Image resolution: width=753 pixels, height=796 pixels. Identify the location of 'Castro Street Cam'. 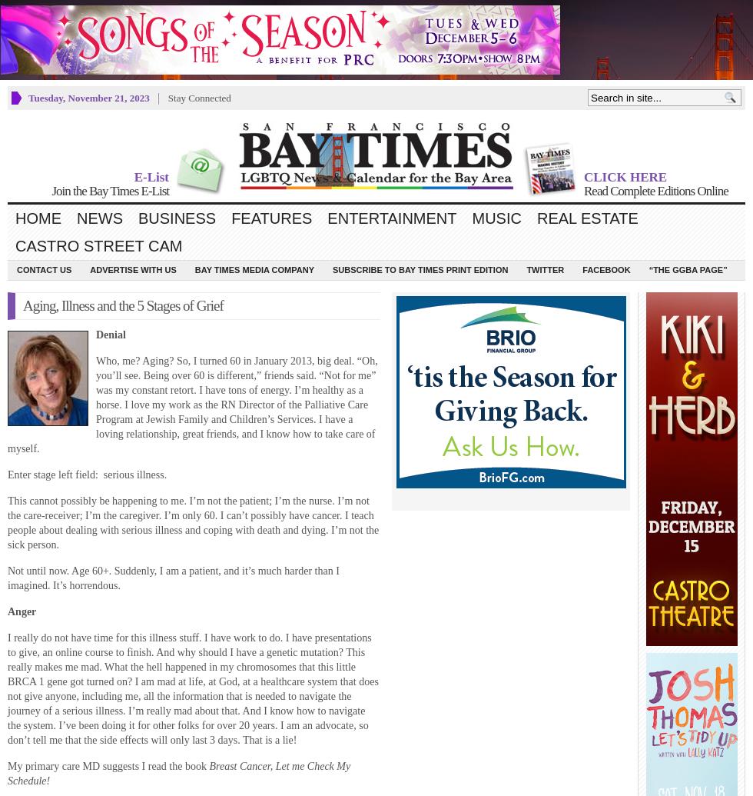
(98, 245).